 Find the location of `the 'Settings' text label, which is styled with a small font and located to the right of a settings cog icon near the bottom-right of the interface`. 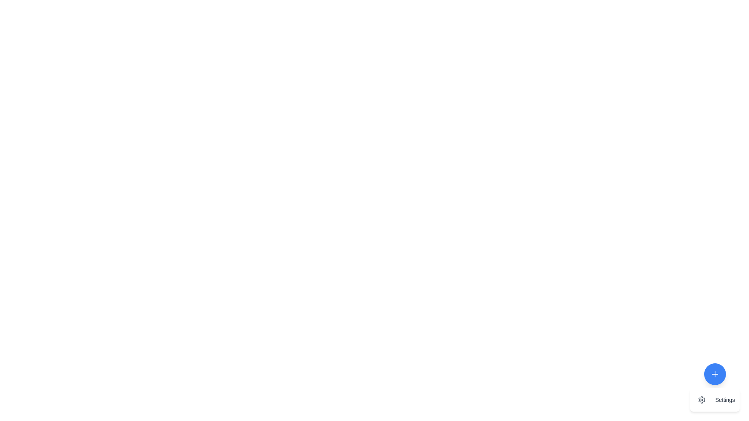

the 'Settings' text label, which is styled with a small font and located to the right of a settings cog icon near the bottom-right of the interface is located at coordinates (724, 400).